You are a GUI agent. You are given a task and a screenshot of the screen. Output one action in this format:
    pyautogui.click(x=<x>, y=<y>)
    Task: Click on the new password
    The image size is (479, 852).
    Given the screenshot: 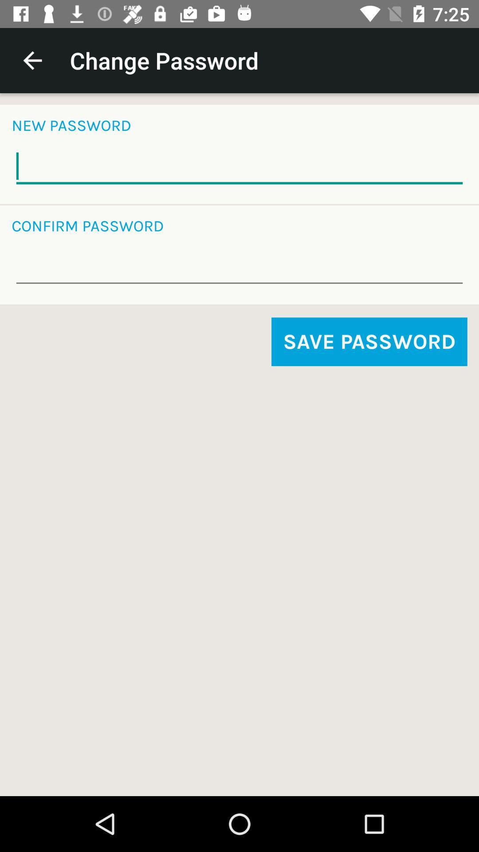 What is the action you would take?
    pyautogui.click(x=239, y=166)
    